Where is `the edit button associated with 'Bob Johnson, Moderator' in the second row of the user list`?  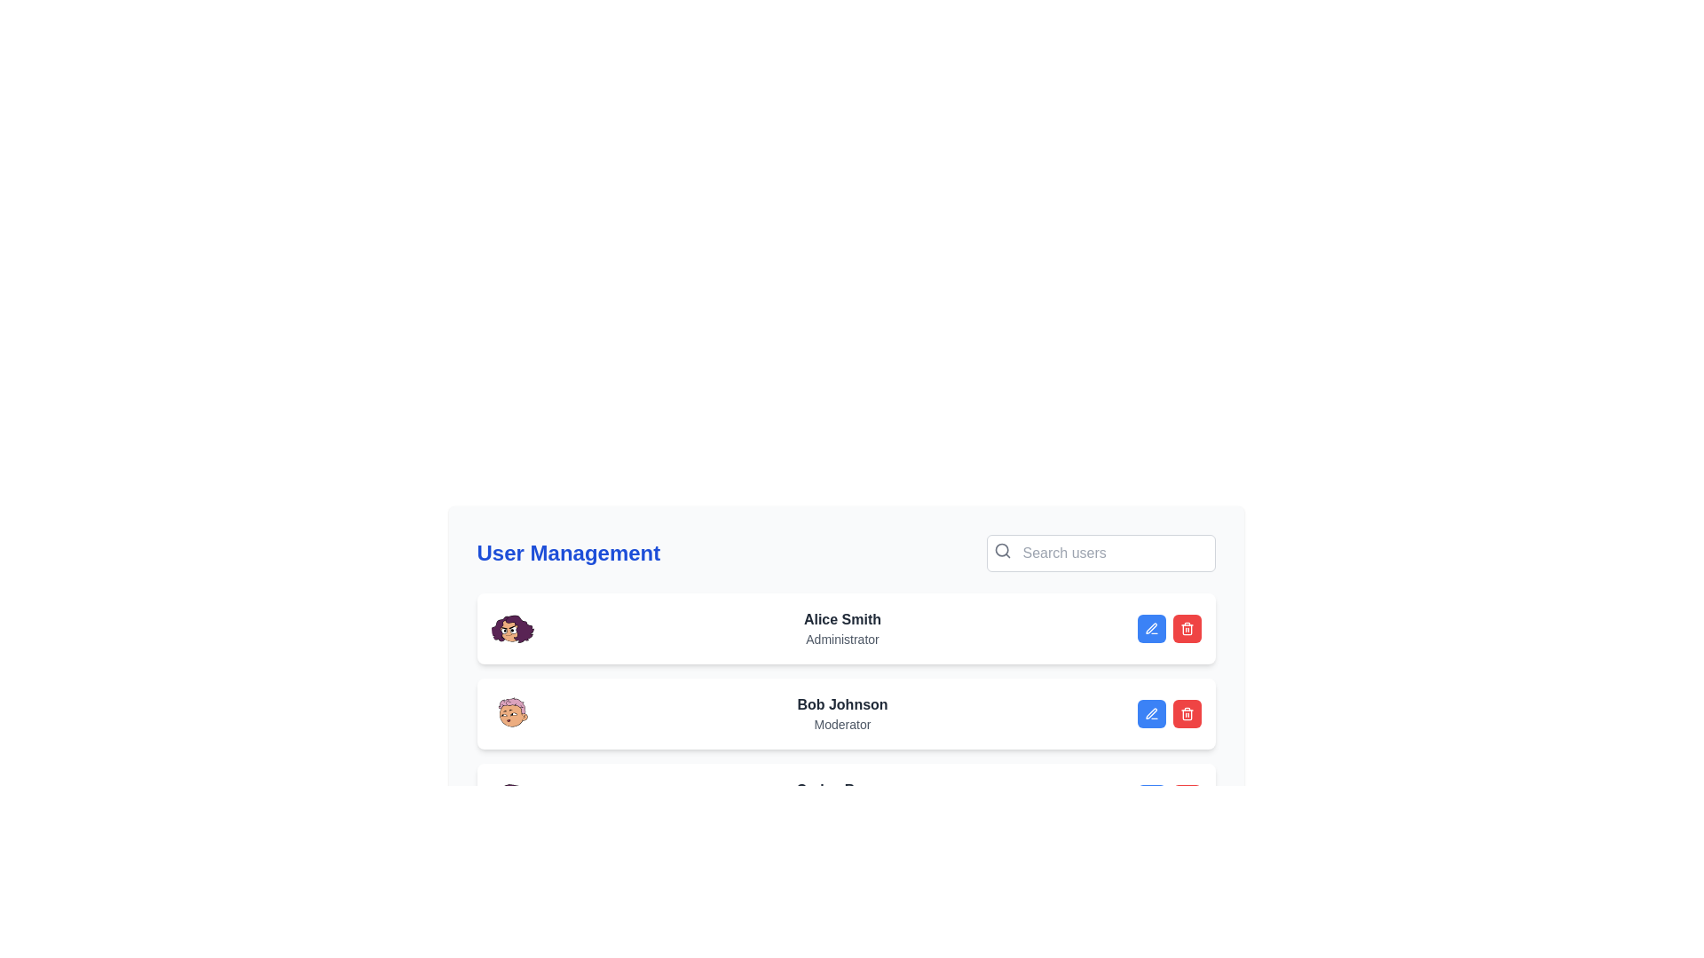 the edit button associated with 'Bob Johnson, Moderator' in the second row of the user list is located at coordinates (1151, 713).